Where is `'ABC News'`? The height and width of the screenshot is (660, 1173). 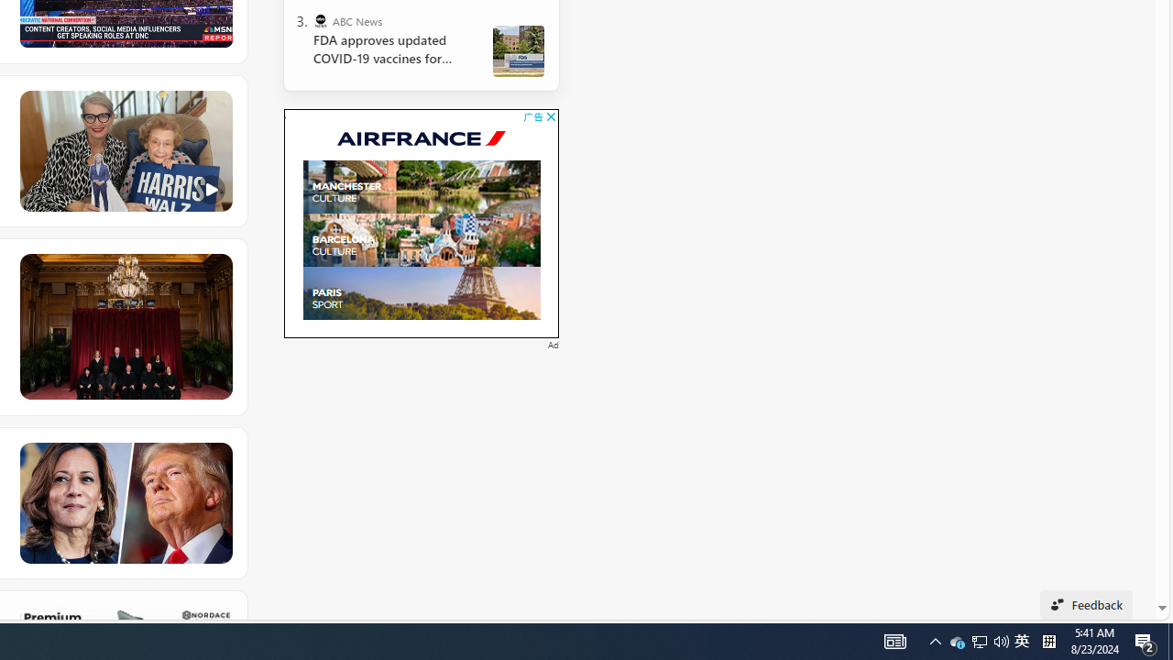
'ABC News' is located at coordinates (321, 21).